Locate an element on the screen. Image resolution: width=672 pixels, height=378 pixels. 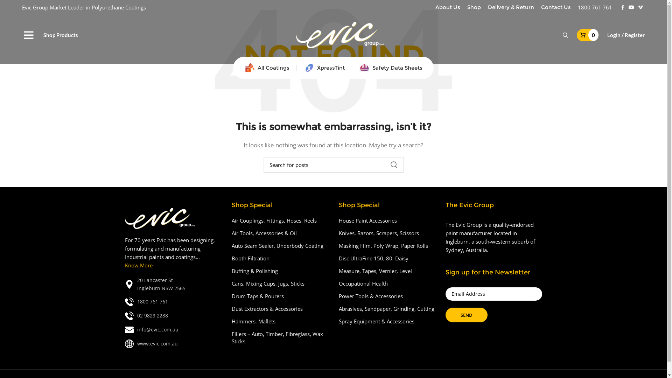
'Hammers, Mallets' is located at coordinates (253, 321).